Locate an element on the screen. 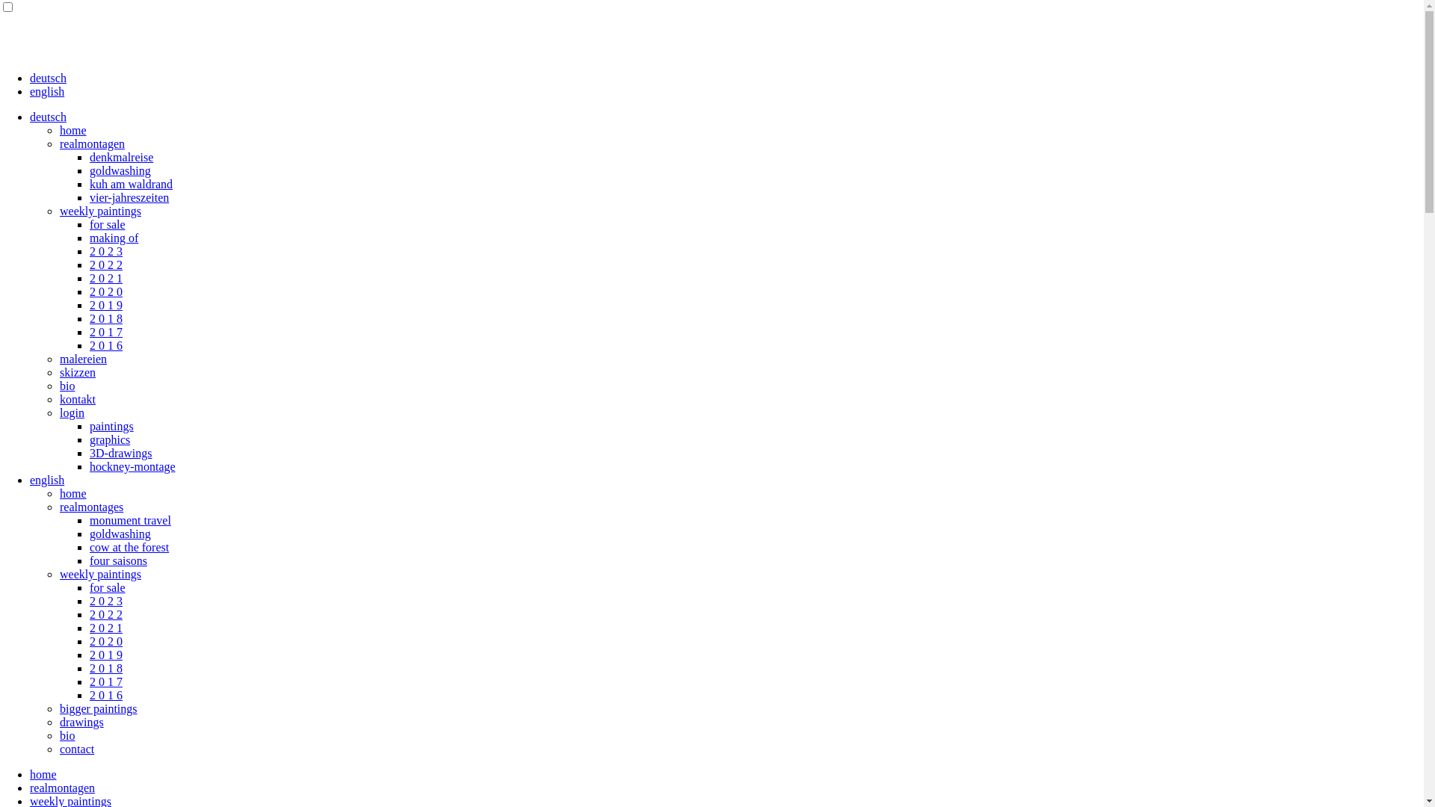 The width and height of the screenshot is (1435, 807). '2 0 2 0' is located at coordinates (105, 291).